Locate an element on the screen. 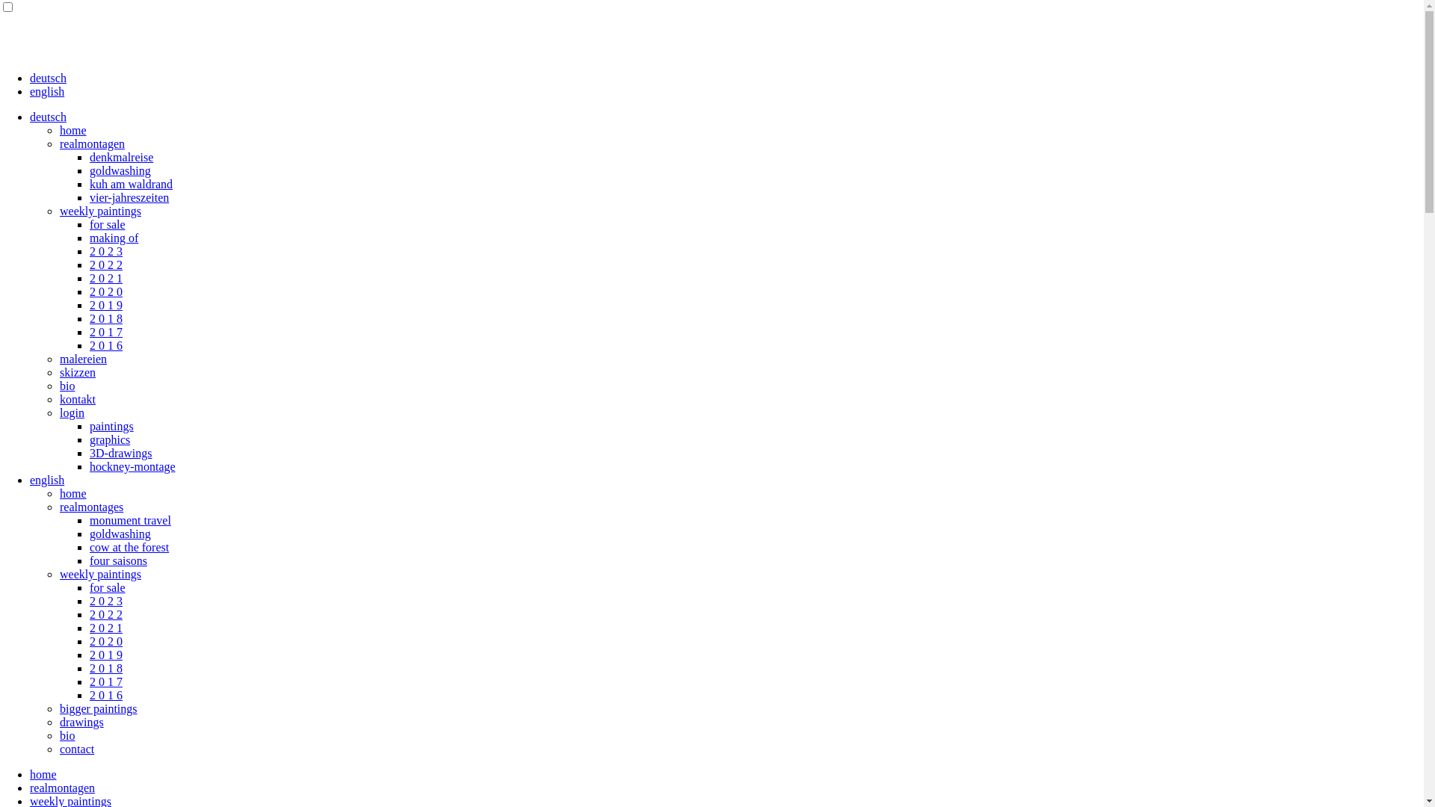 The width and height of the screenshot is (1435, 807). '2 0 2 0' is located at coordinates (105, 291).